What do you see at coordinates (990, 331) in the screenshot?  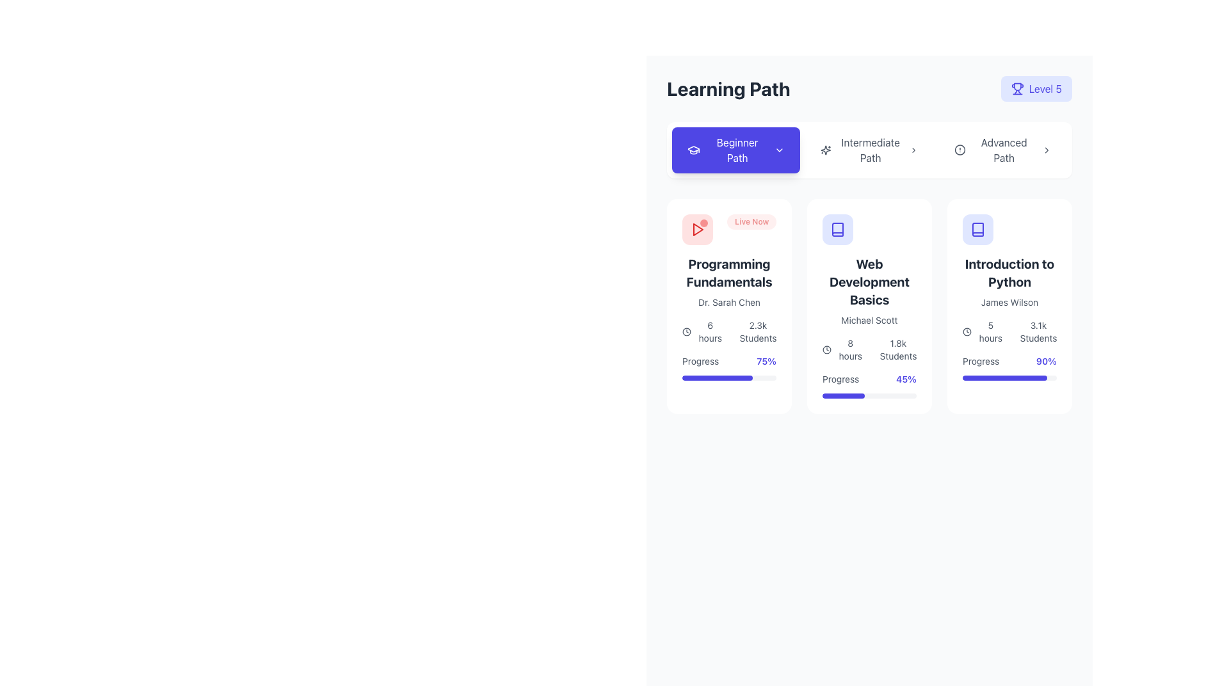 I see `the static text element displaying '5 hours', which is located at the bottom section of the 'Introduction to Python' course card, aligned to the left side just below the main course title and author information` at bounding box center [990, 331].